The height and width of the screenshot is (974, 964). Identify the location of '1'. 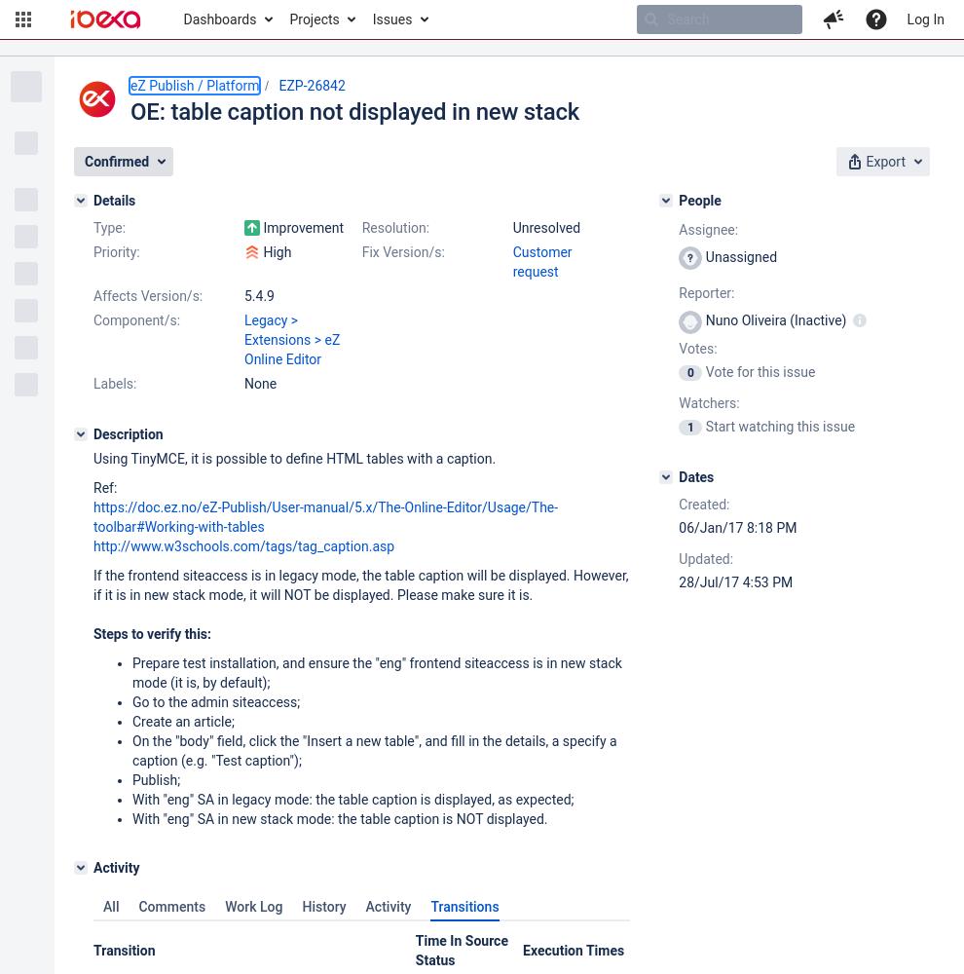
(688, 427).